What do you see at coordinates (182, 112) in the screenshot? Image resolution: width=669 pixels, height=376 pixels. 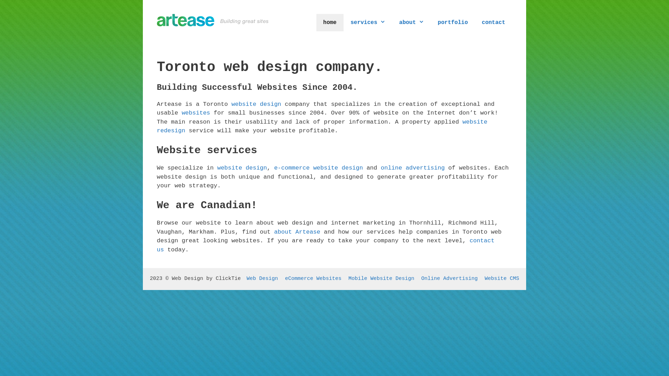 I see `'websites'` at bounding box center [182, 112].